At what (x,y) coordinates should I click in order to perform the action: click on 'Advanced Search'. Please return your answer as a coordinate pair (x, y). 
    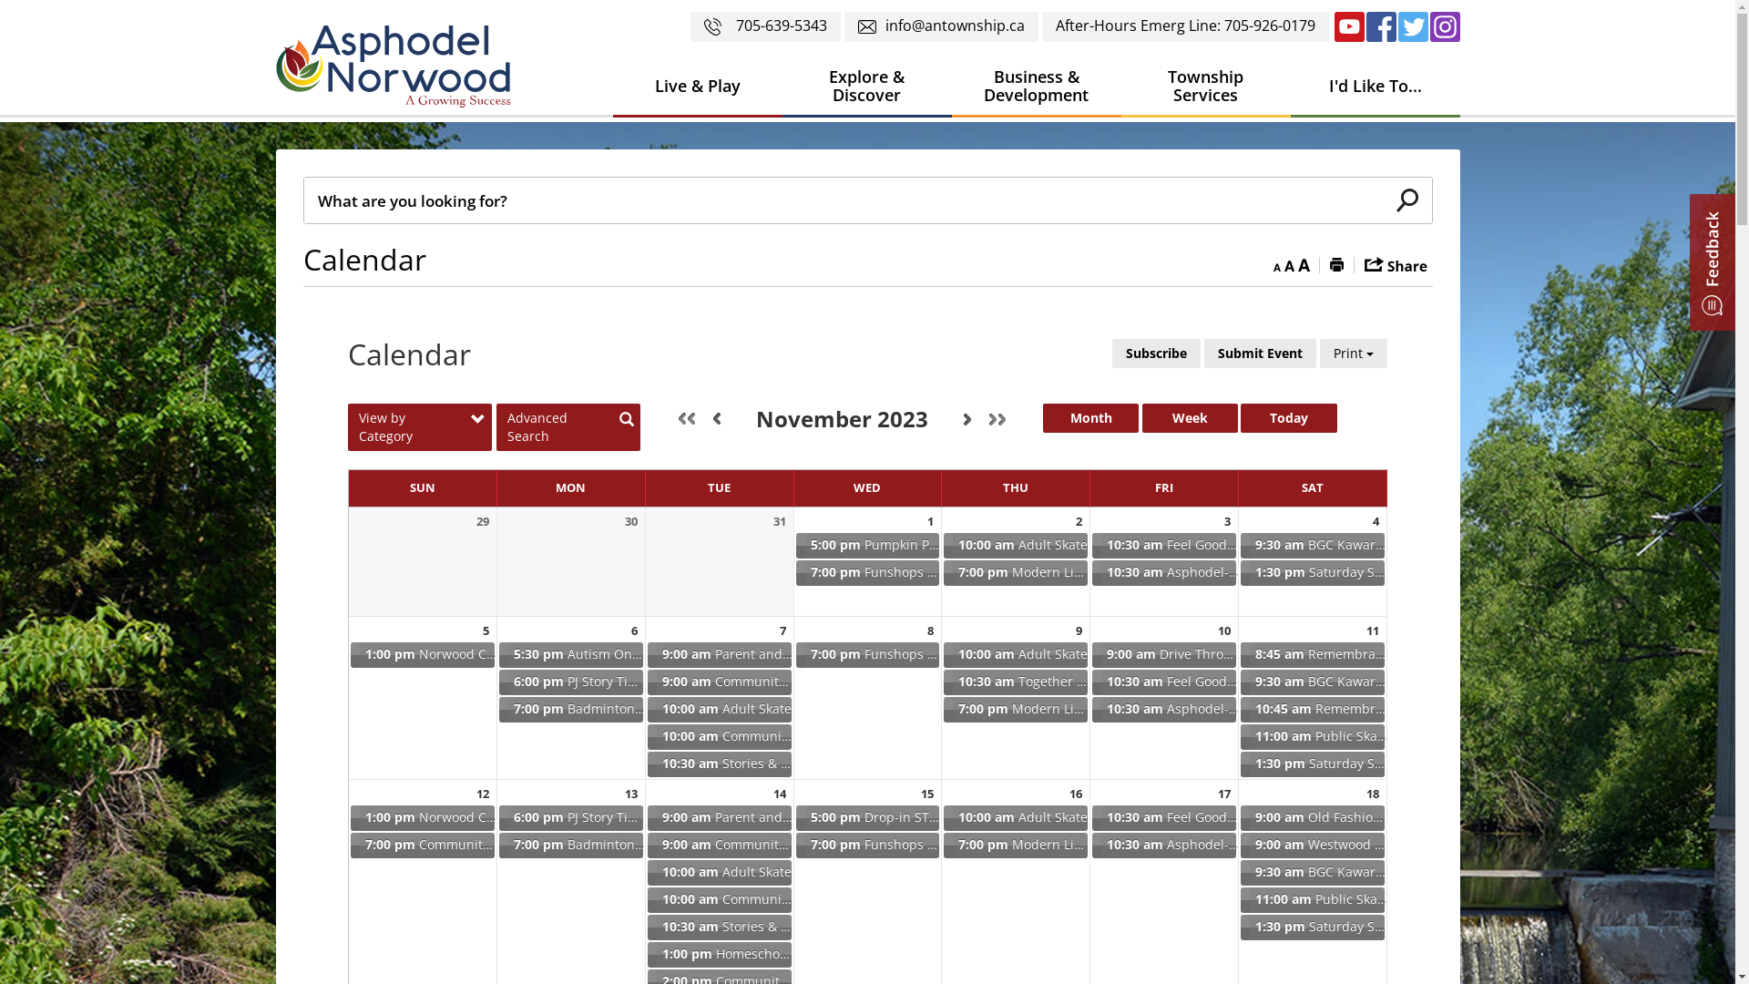
    Looking at the image, I should click on (568, 427).